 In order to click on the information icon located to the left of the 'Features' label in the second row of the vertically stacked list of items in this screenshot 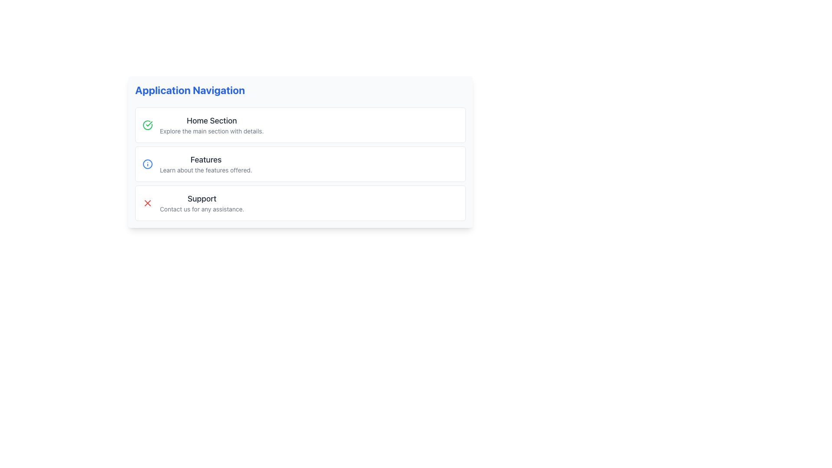, I will do `click(147, 164)`.